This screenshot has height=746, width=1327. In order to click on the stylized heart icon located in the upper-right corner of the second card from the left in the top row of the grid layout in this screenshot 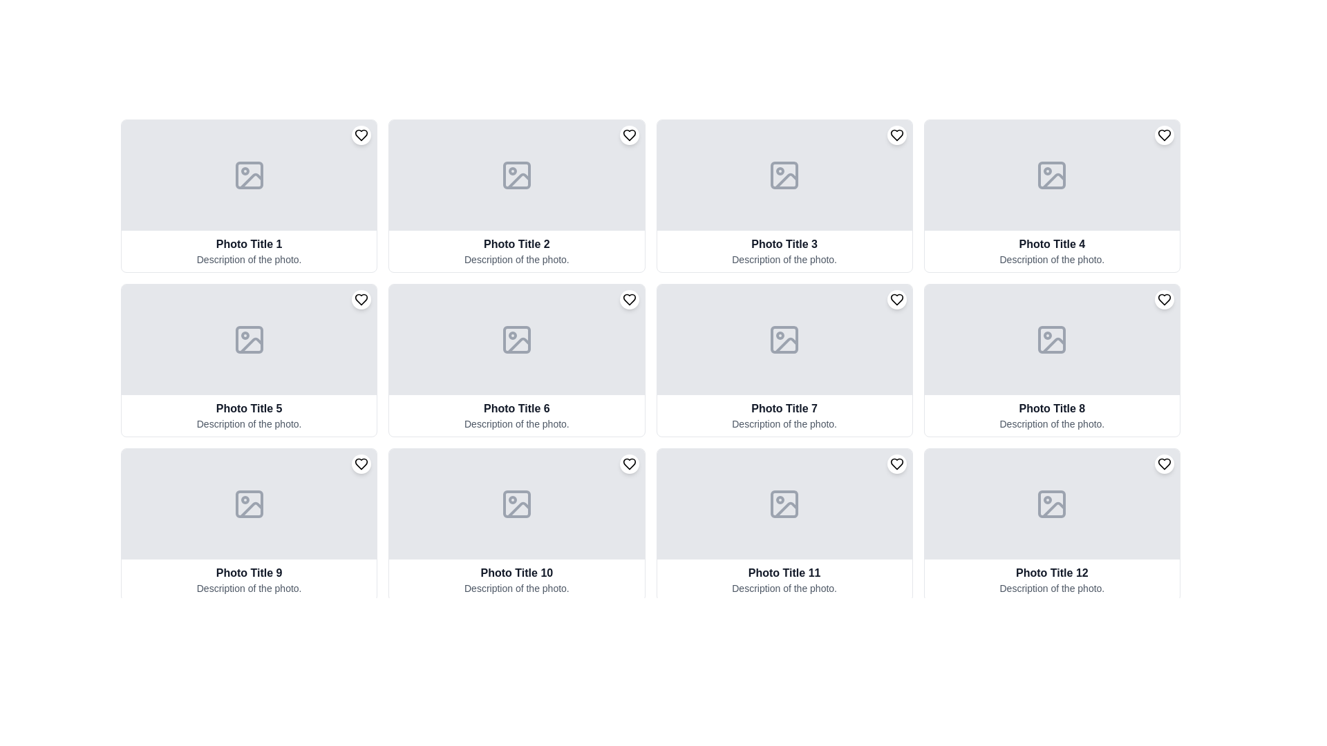, I will do `click(628, 135)`.